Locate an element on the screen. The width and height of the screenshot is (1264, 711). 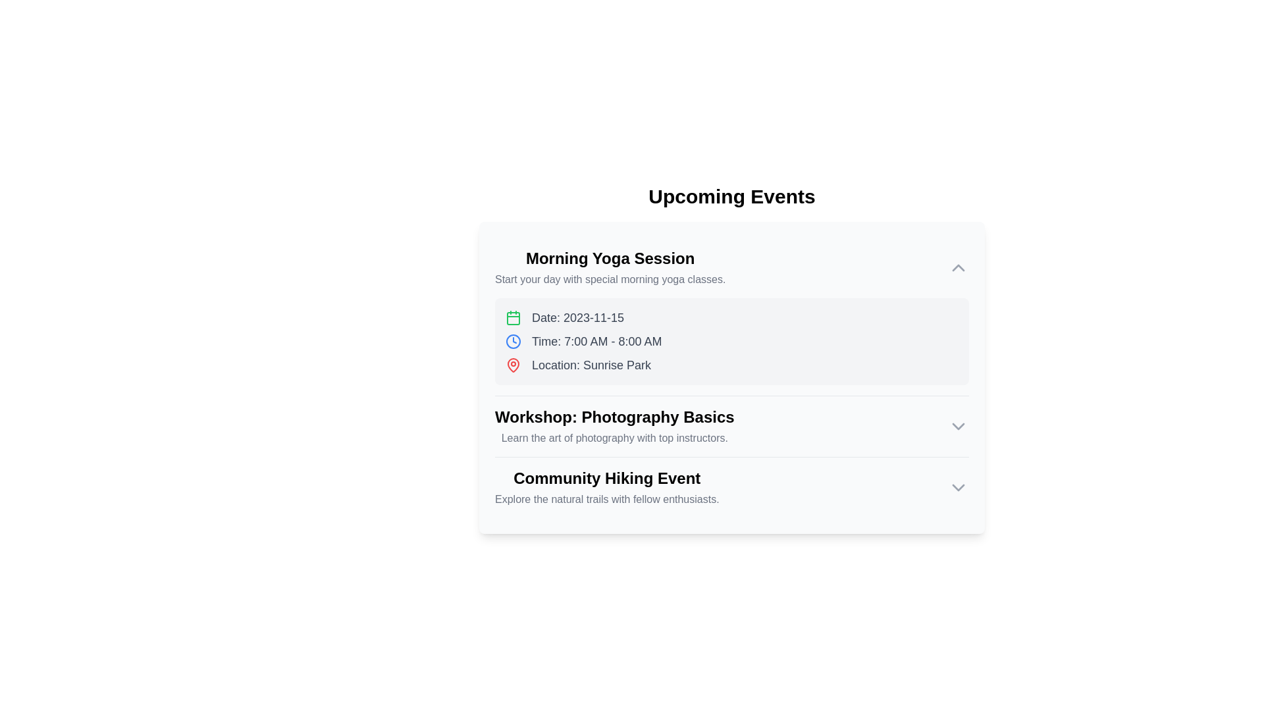
the static informational text located directly below the heading 'Workshop: Photography Basics', which provides a brief description of the photography basics workshop is located at coordinates (614, 438).